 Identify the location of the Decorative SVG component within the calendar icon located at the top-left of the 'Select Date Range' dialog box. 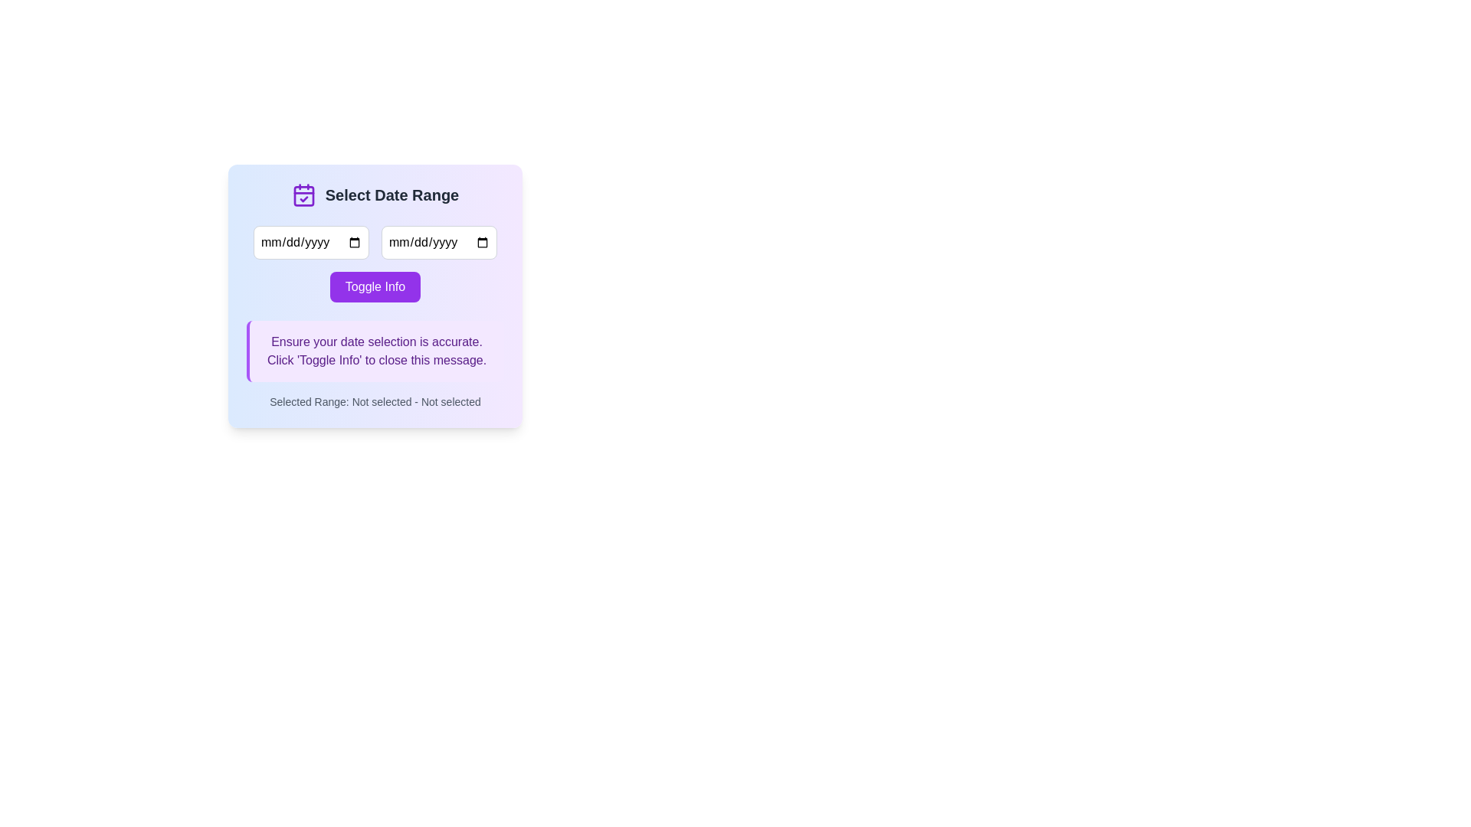
(303, 195).